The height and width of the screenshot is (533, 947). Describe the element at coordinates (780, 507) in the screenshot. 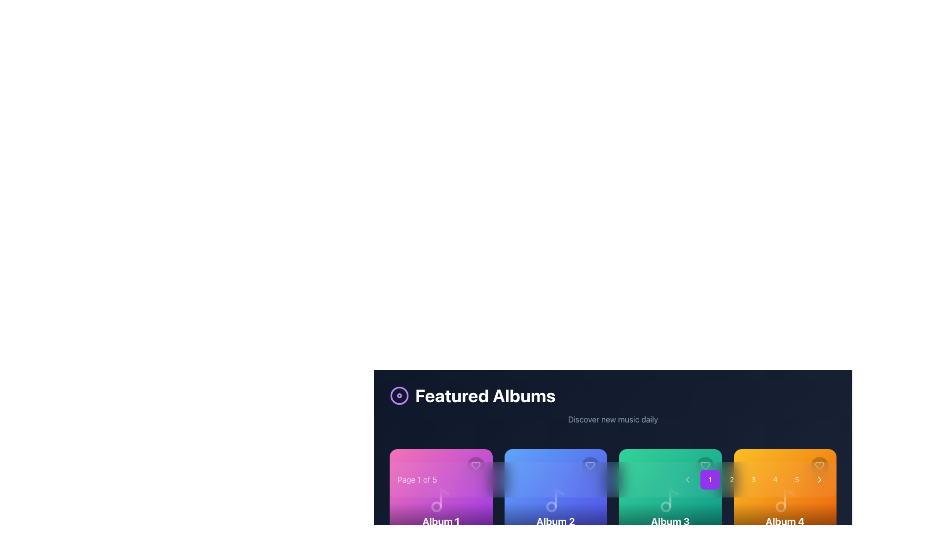

I see `the small circular orange graphic element within the music-themed illustration, located in the middle-right section of the interface under the pagination controls` at that location.